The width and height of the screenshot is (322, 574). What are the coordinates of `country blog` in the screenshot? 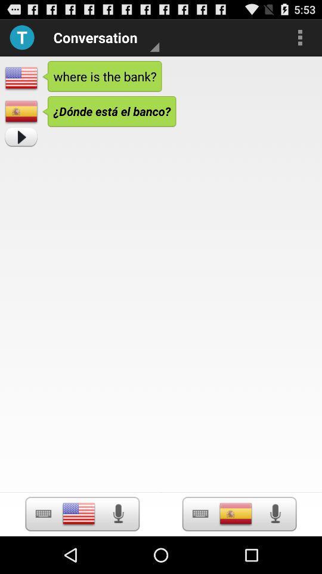 It's located at (236, 513).